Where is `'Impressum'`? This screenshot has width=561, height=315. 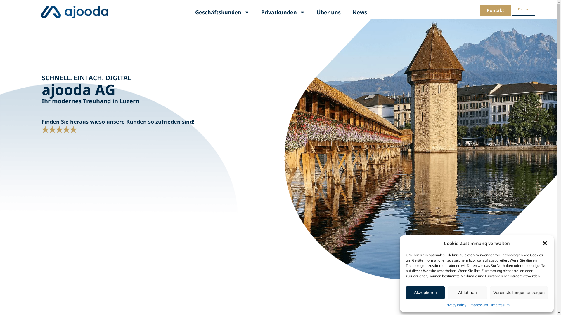 'Impressum' is located at coordinates (500, 304).